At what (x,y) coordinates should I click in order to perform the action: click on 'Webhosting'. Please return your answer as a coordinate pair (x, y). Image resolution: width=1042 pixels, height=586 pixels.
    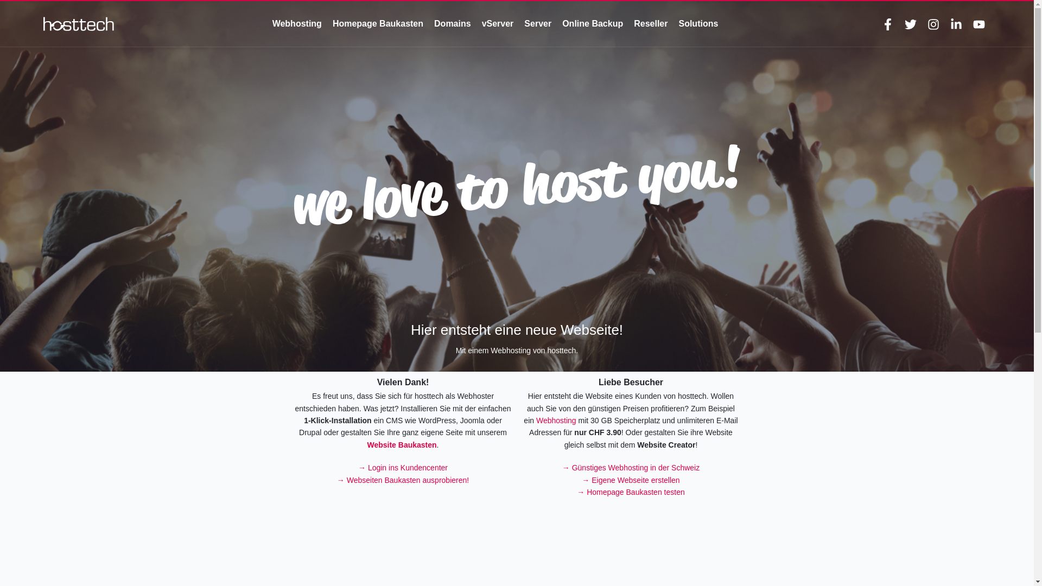
    Looking at the image, I should click on (297, 23).